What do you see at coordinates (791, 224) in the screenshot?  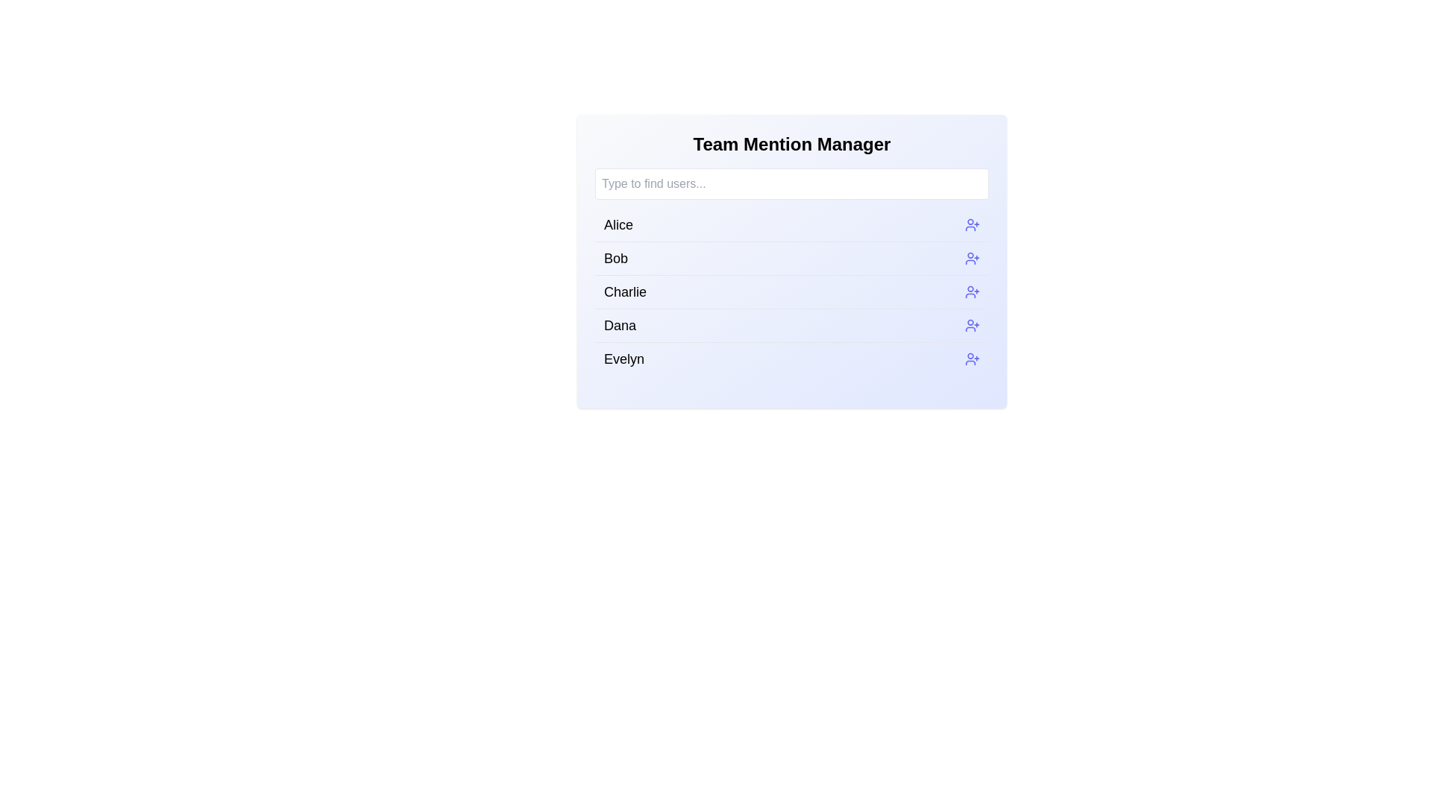 I see `to select the list item representing the user profile named 'Alice' in the Team Mention Manager menu` at bounding box center [791, 224].